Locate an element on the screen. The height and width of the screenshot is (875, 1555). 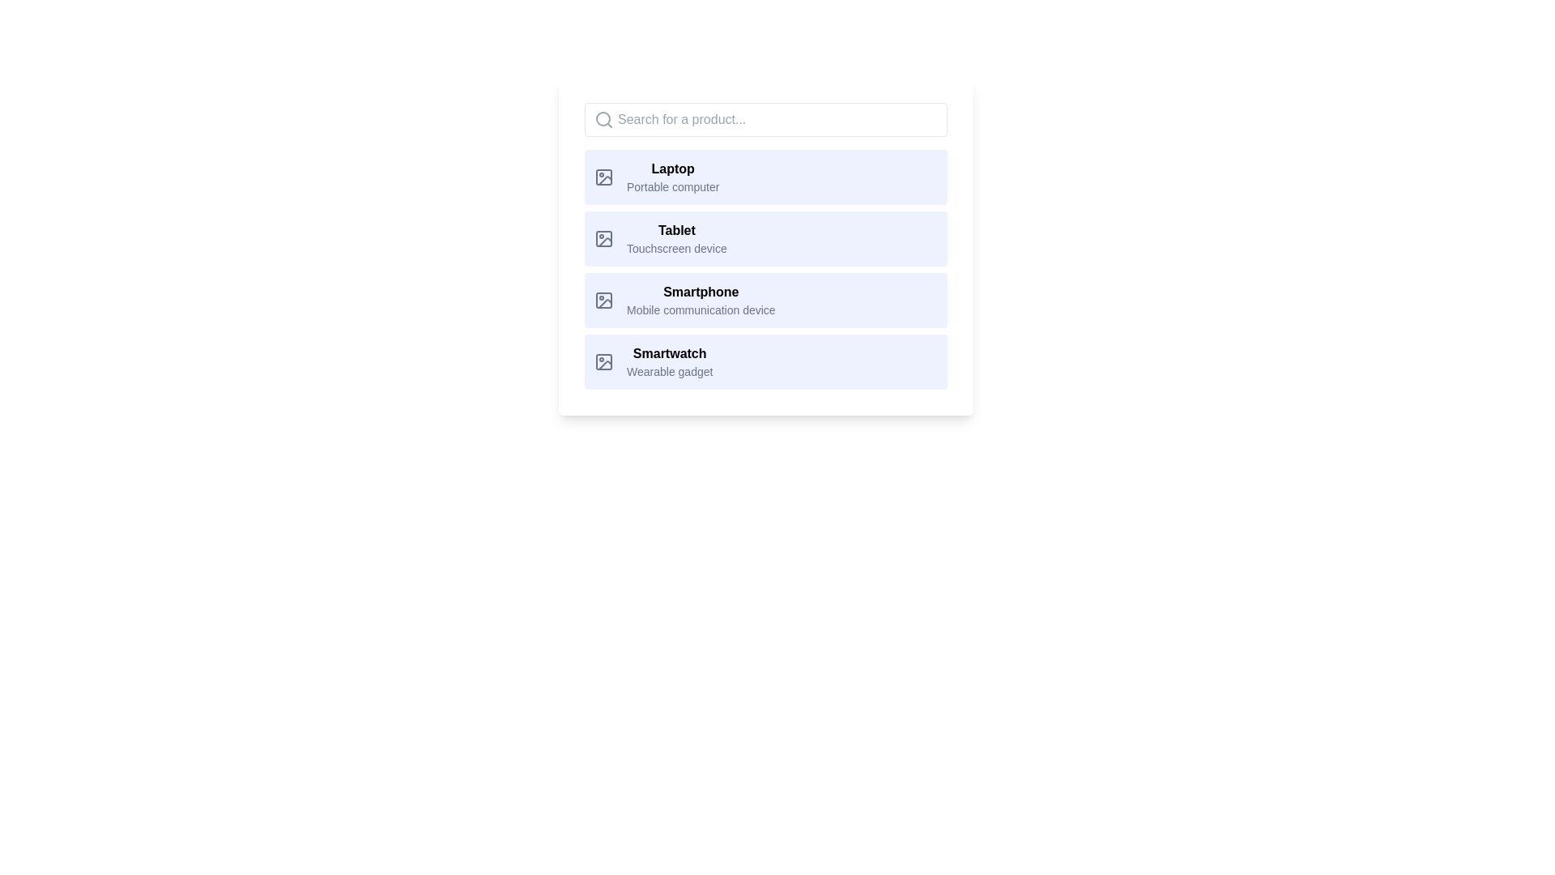
the small gray rounded rectangle icon that serves as a graphical placeholder for an image is located at coordinates (603, 361).